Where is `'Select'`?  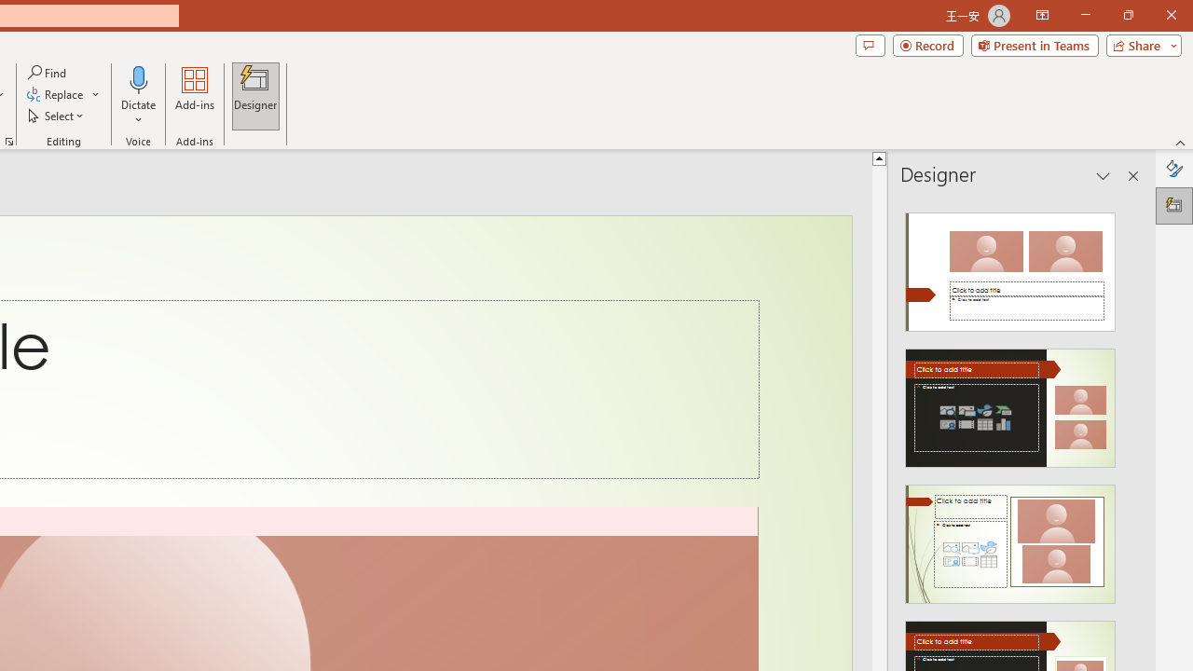 'Select' is located at coordinates (57, 116).